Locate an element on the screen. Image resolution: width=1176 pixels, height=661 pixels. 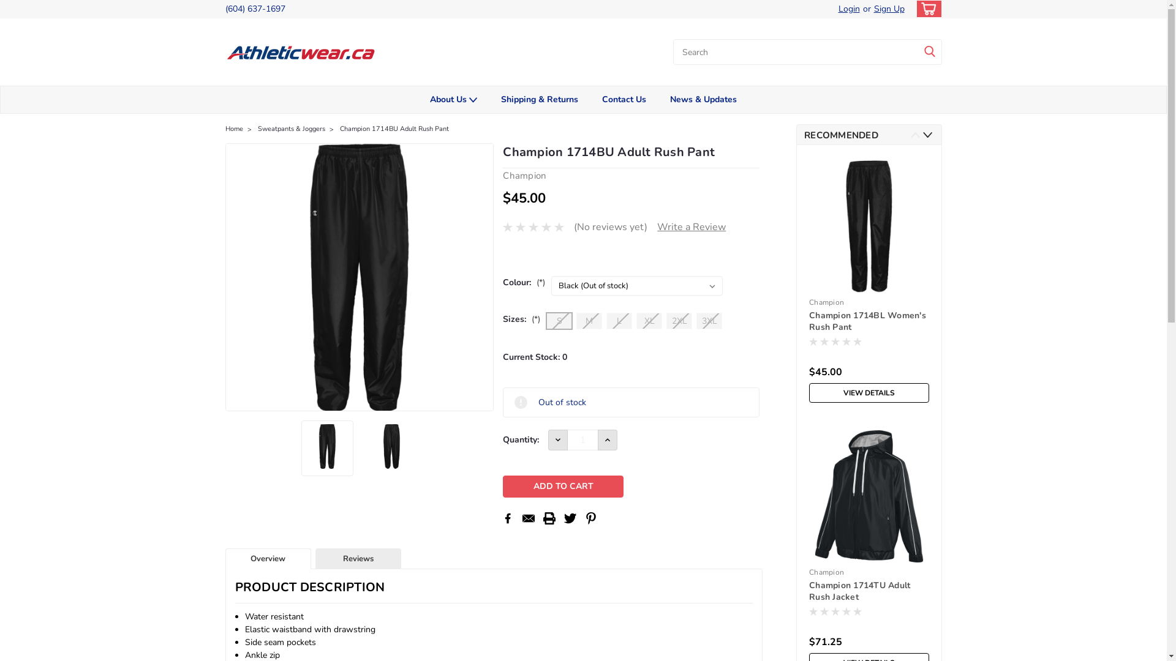
'Champion' is located at coordinates (826, 302).